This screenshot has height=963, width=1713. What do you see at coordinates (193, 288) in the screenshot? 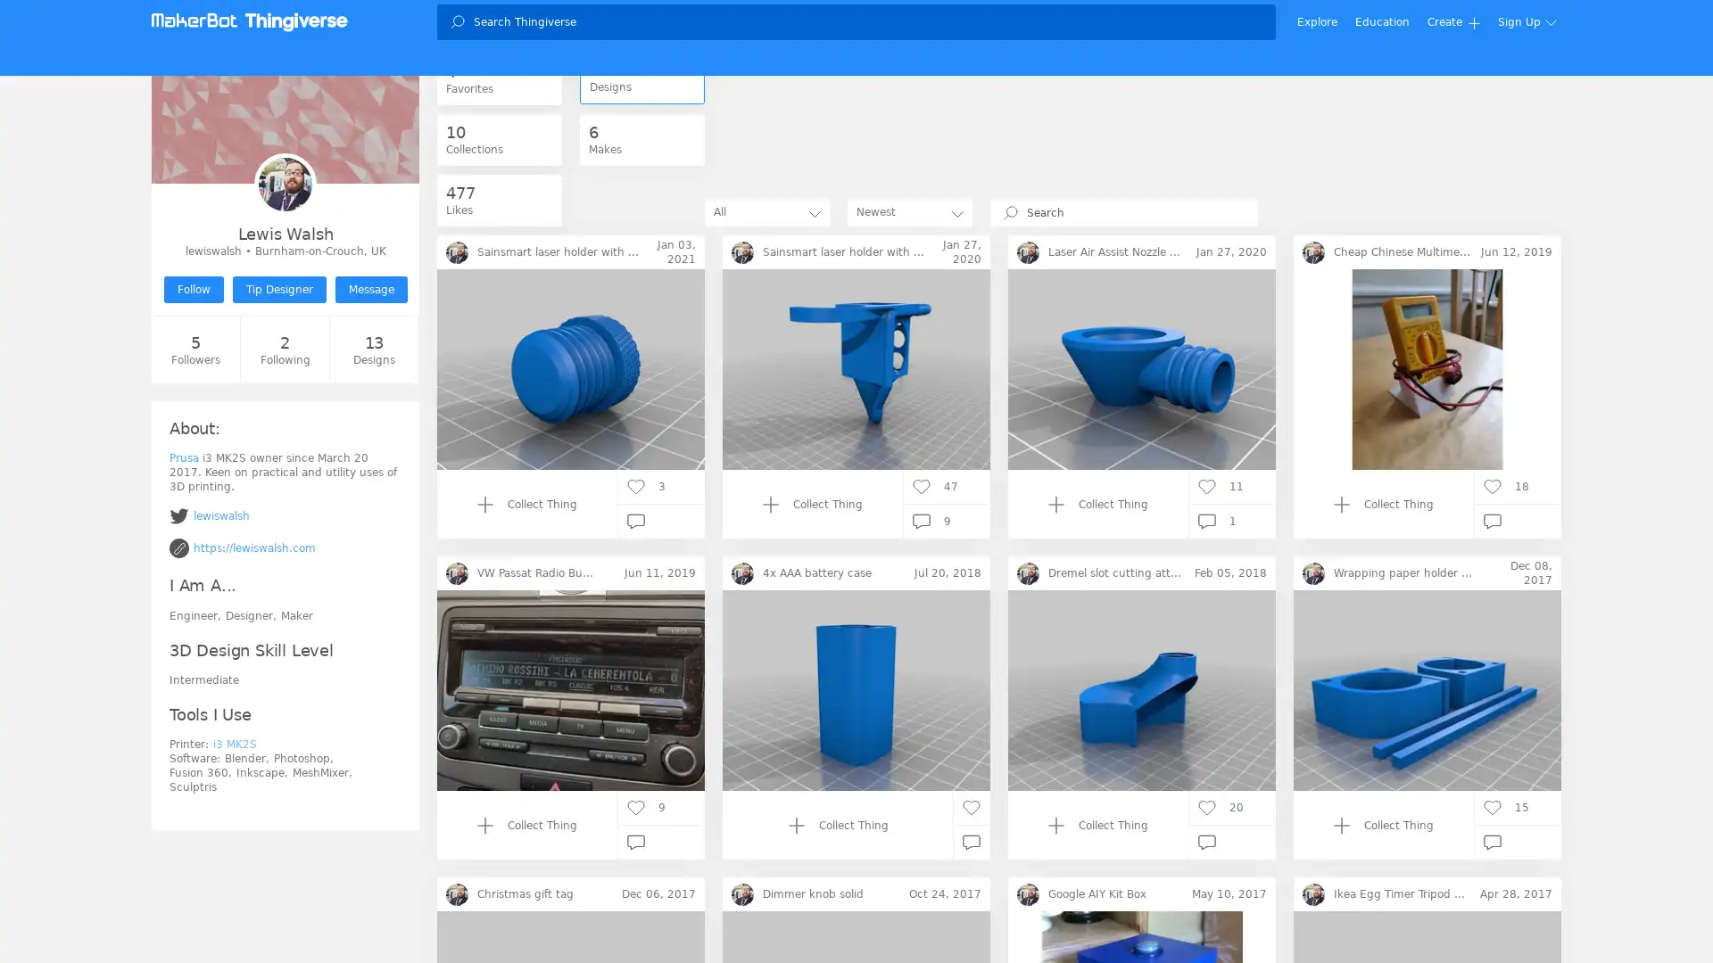
I see `Follow` at bounding box center [193, 288].